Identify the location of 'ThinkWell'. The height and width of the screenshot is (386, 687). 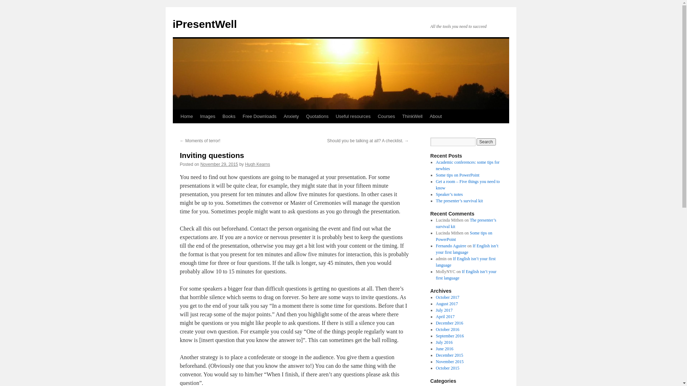
(412, 116).